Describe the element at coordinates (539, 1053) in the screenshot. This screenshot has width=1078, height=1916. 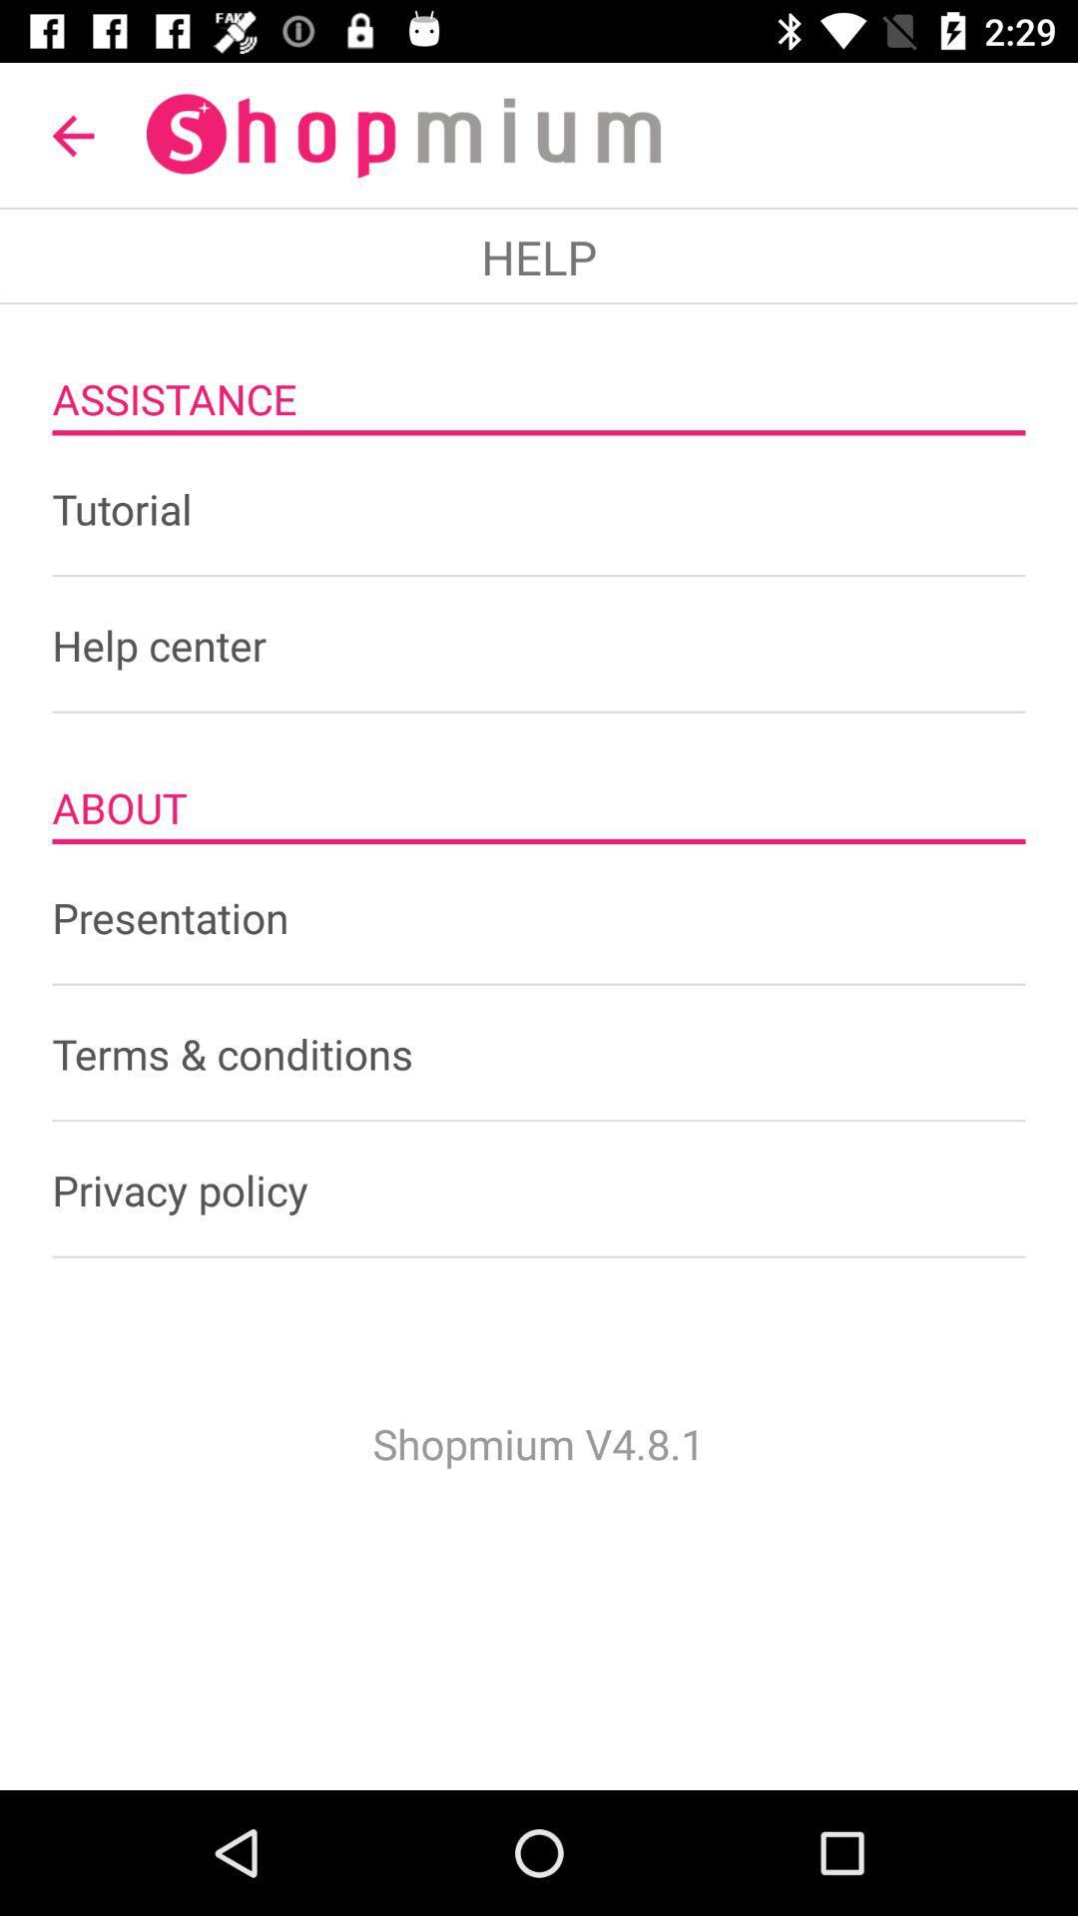
I see `the terms & conditions icon` at that location.